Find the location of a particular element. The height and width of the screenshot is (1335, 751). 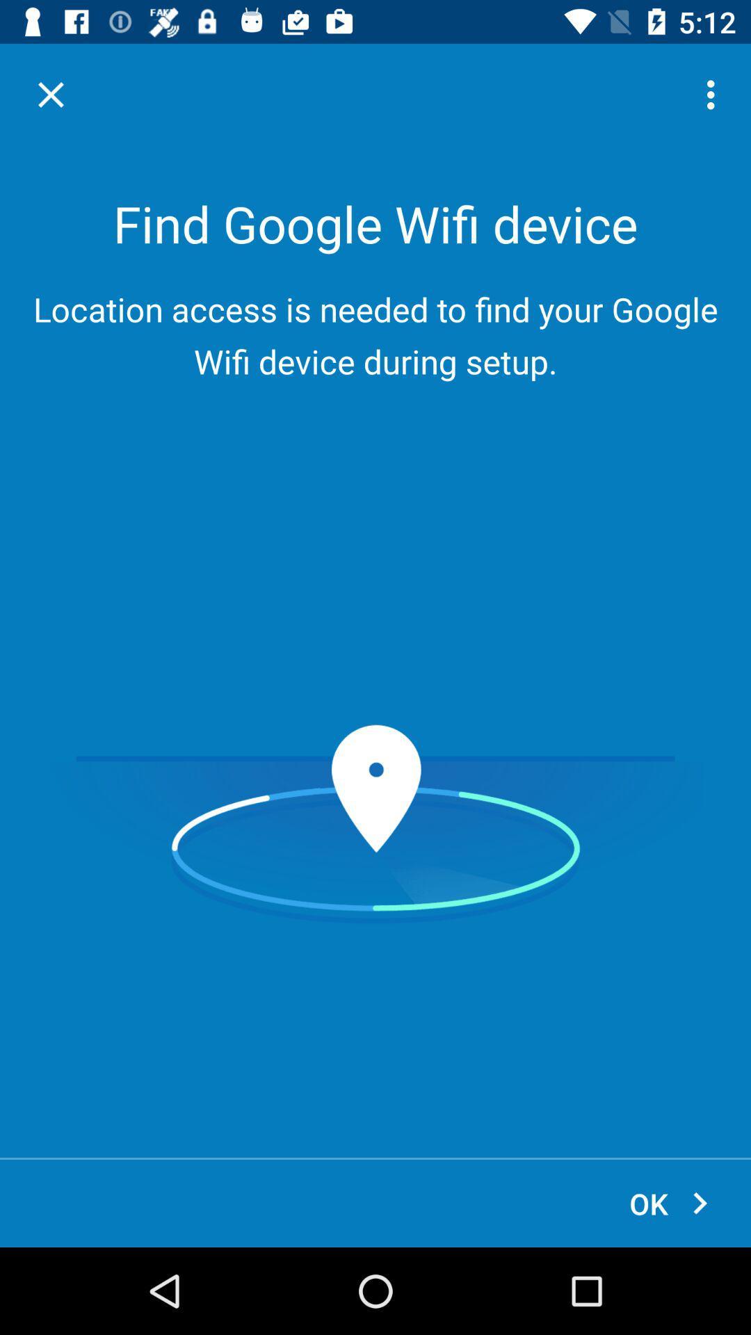

icon at the bottom right corner is located at coordinates (670, 1203).